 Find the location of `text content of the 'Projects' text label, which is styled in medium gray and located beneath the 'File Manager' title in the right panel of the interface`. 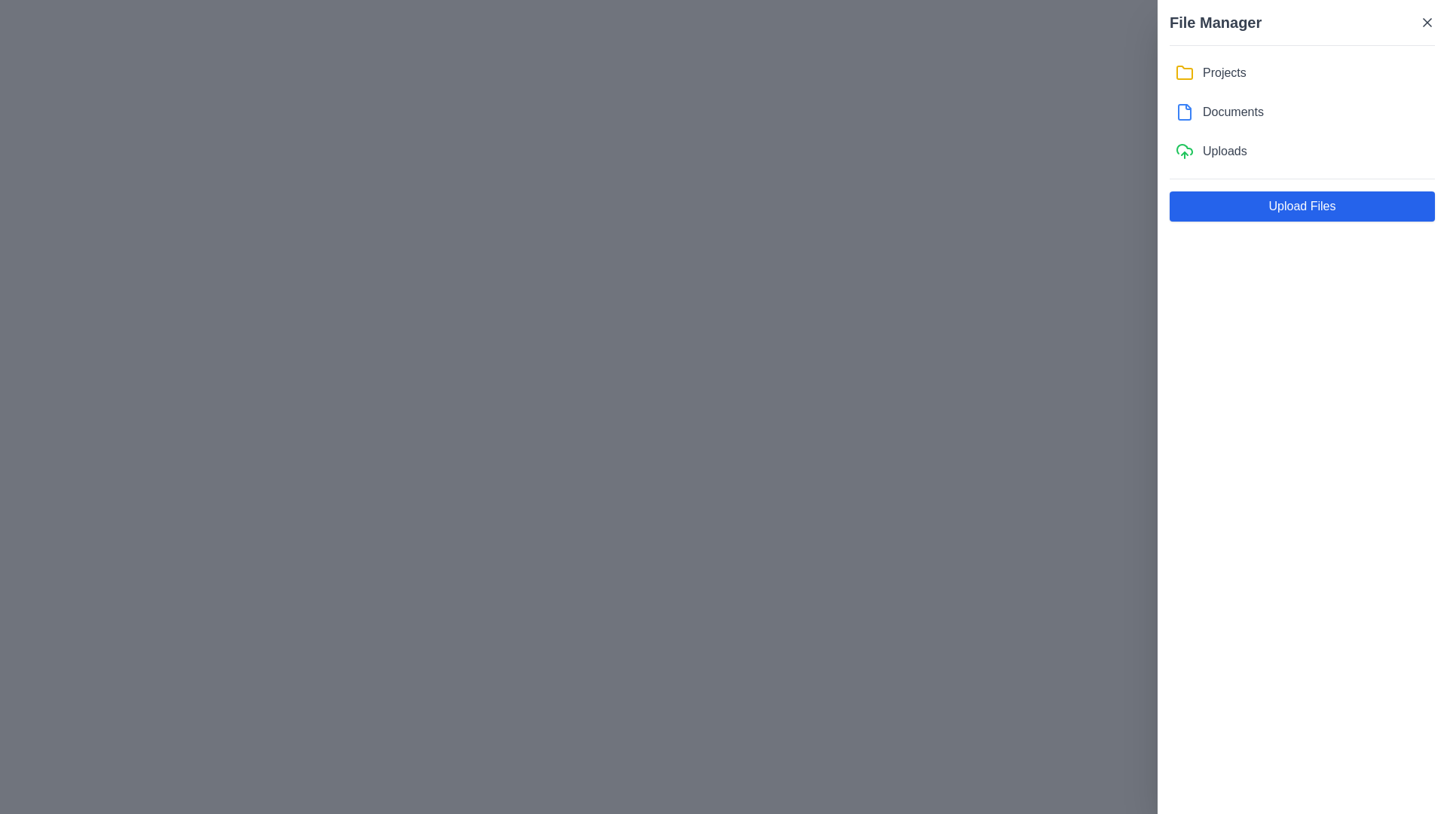

text content of the 'Projects' text label, which is styled in medium gray and located beneath the 'File Manager' title in the right panel of the interface is located at coordinates (1224, 72).